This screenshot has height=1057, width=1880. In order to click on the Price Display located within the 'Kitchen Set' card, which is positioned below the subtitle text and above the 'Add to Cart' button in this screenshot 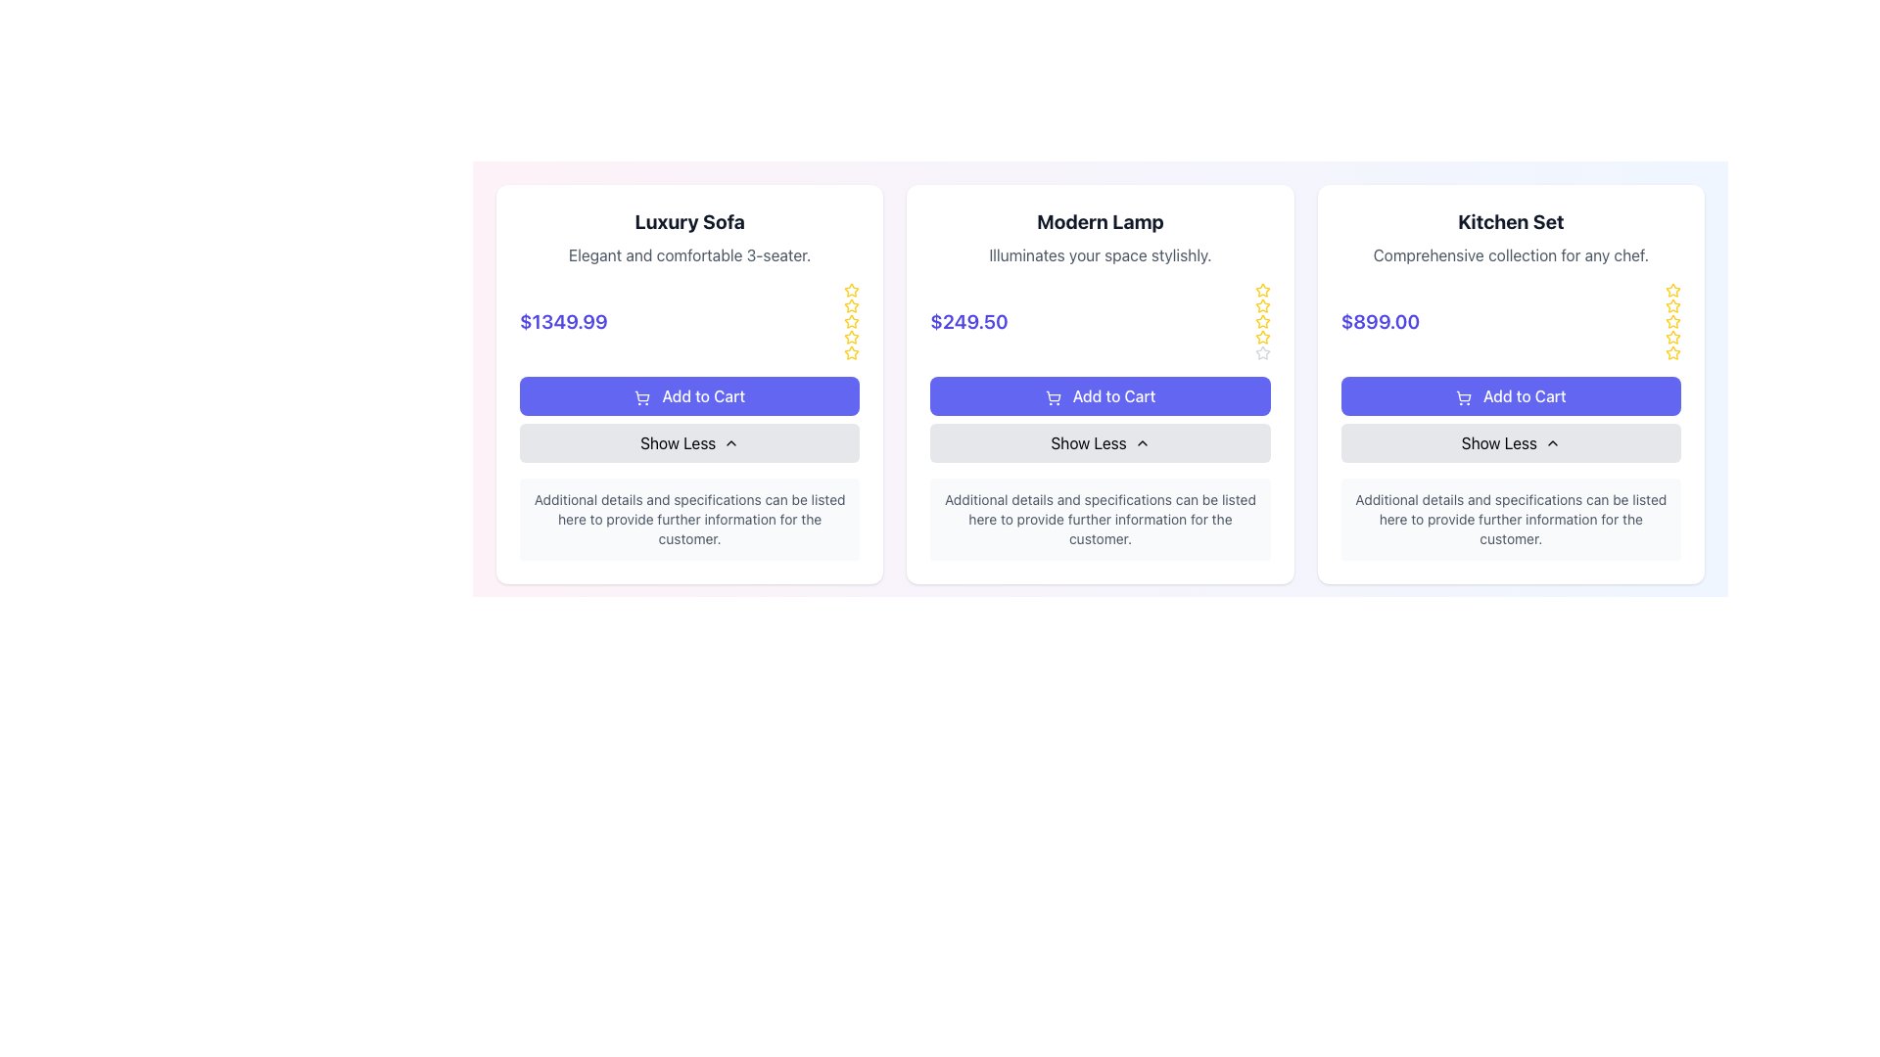, I will do `click(1510, 320)`.